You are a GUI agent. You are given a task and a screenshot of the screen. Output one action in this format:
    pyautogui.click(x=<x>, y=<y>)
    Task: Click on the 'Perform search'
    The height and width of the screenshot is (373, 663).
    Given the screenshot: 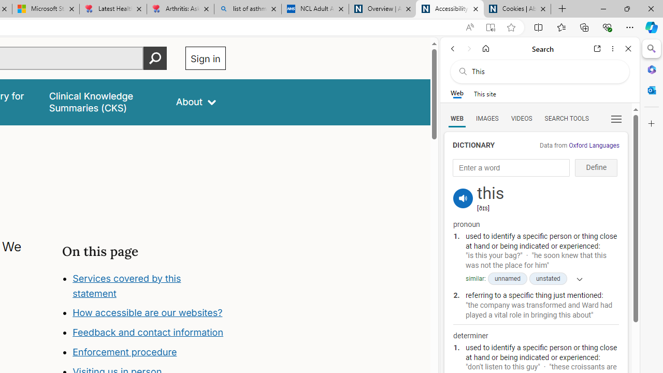 What is the action you would take?
    pyautogui.click(x=154, y=58)
    